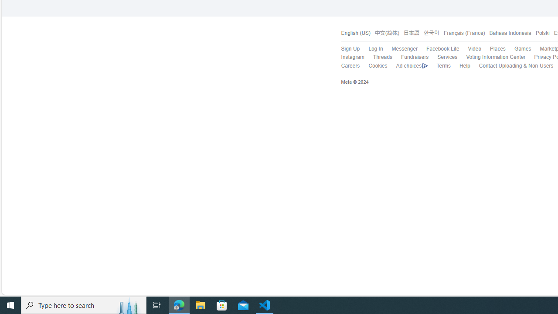 The height and width of the screenshot is (314, 558). Describe the element at coordinates (447, 57) in the screenshot. I see `'Services'` at that location.